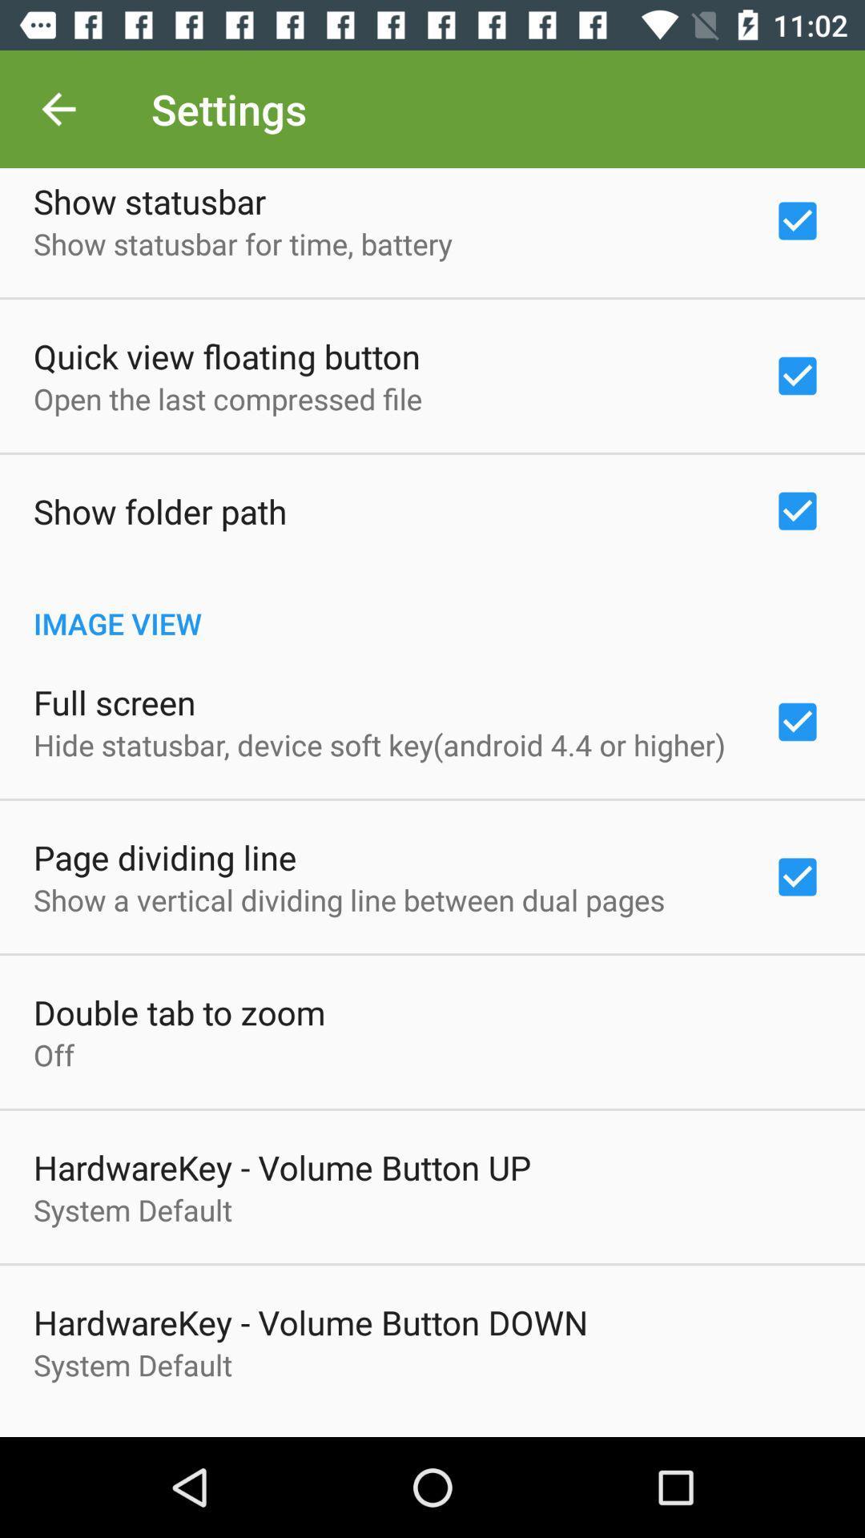 The height and width of the screenshot is (1538, 865). I want to click on item below the show a vertical item, so click(179, 1011).